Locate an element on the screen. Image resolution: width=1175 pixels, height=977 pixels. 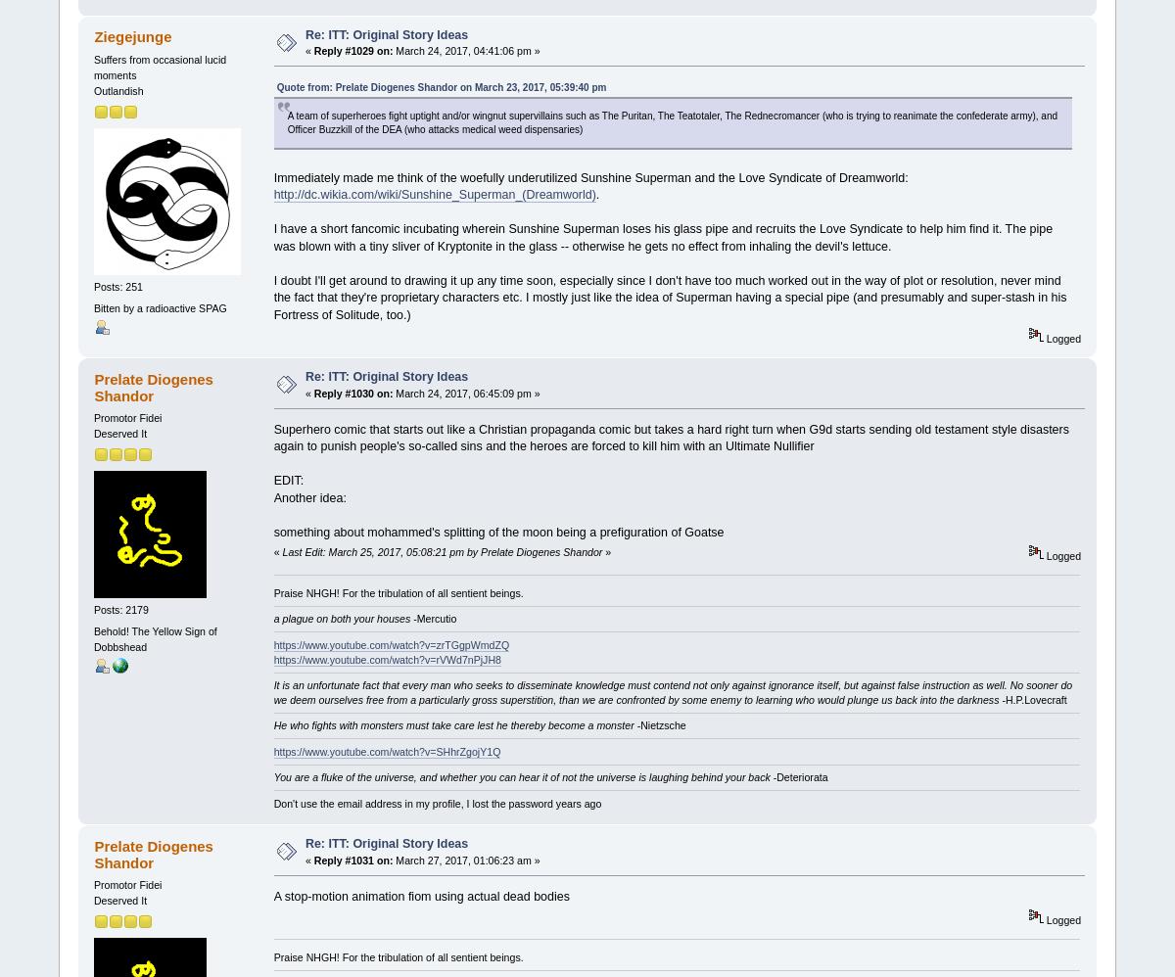
'Reply #1029 on:' is located at coordinates (352, 49).